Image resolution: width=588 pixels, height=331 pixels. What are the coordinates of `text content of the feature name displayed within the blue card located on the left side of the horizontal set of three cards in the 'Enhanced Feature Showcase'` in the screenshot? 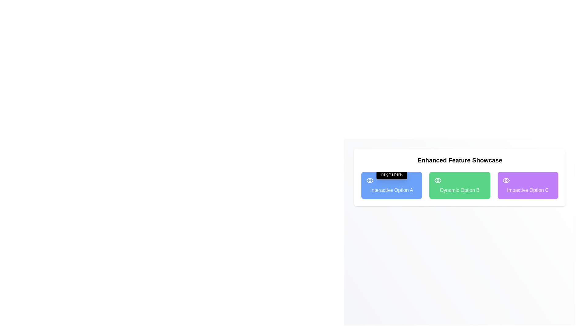 It's located at (391, 190).